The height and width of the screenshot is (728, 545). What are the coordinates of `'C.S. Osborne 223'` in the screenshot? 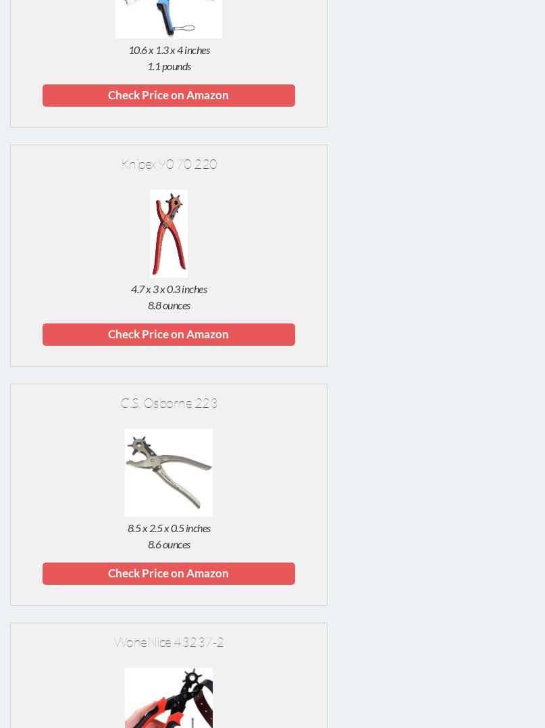 It's located at (168, 402).